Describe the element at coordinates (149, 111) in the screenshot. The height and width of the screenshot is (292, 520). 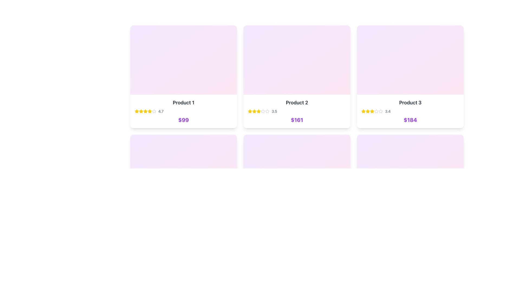
I see `the fifth yellow star-shaped icon in the rating section of 'Product 1'` at that location.